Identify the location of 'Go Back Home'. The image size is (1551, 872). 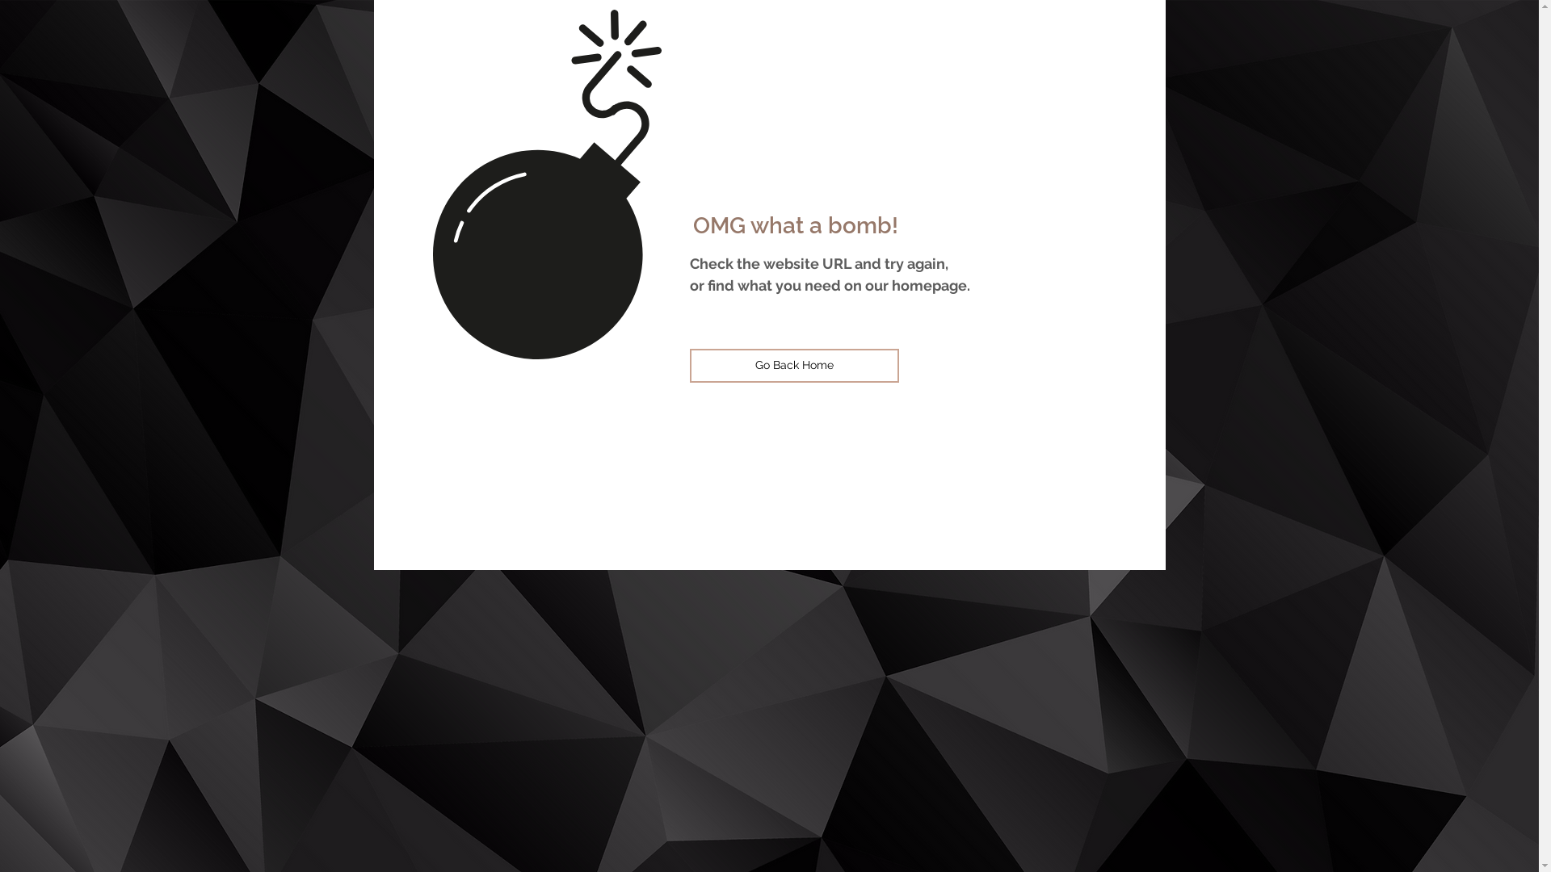
(690, 365).